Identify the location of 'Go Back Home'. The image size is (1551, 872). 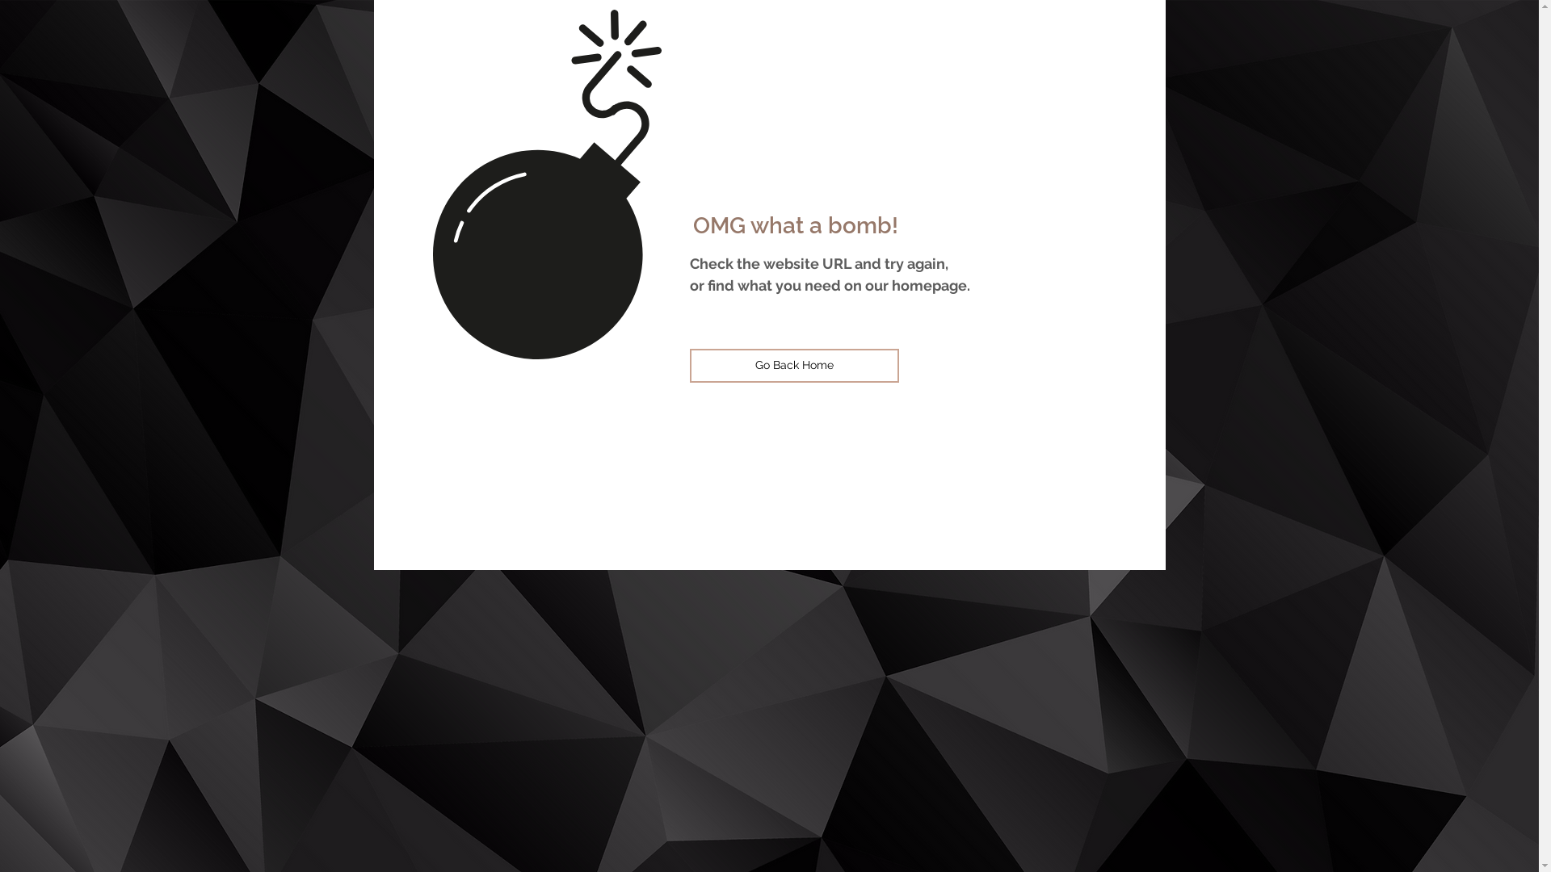
(690, 365).